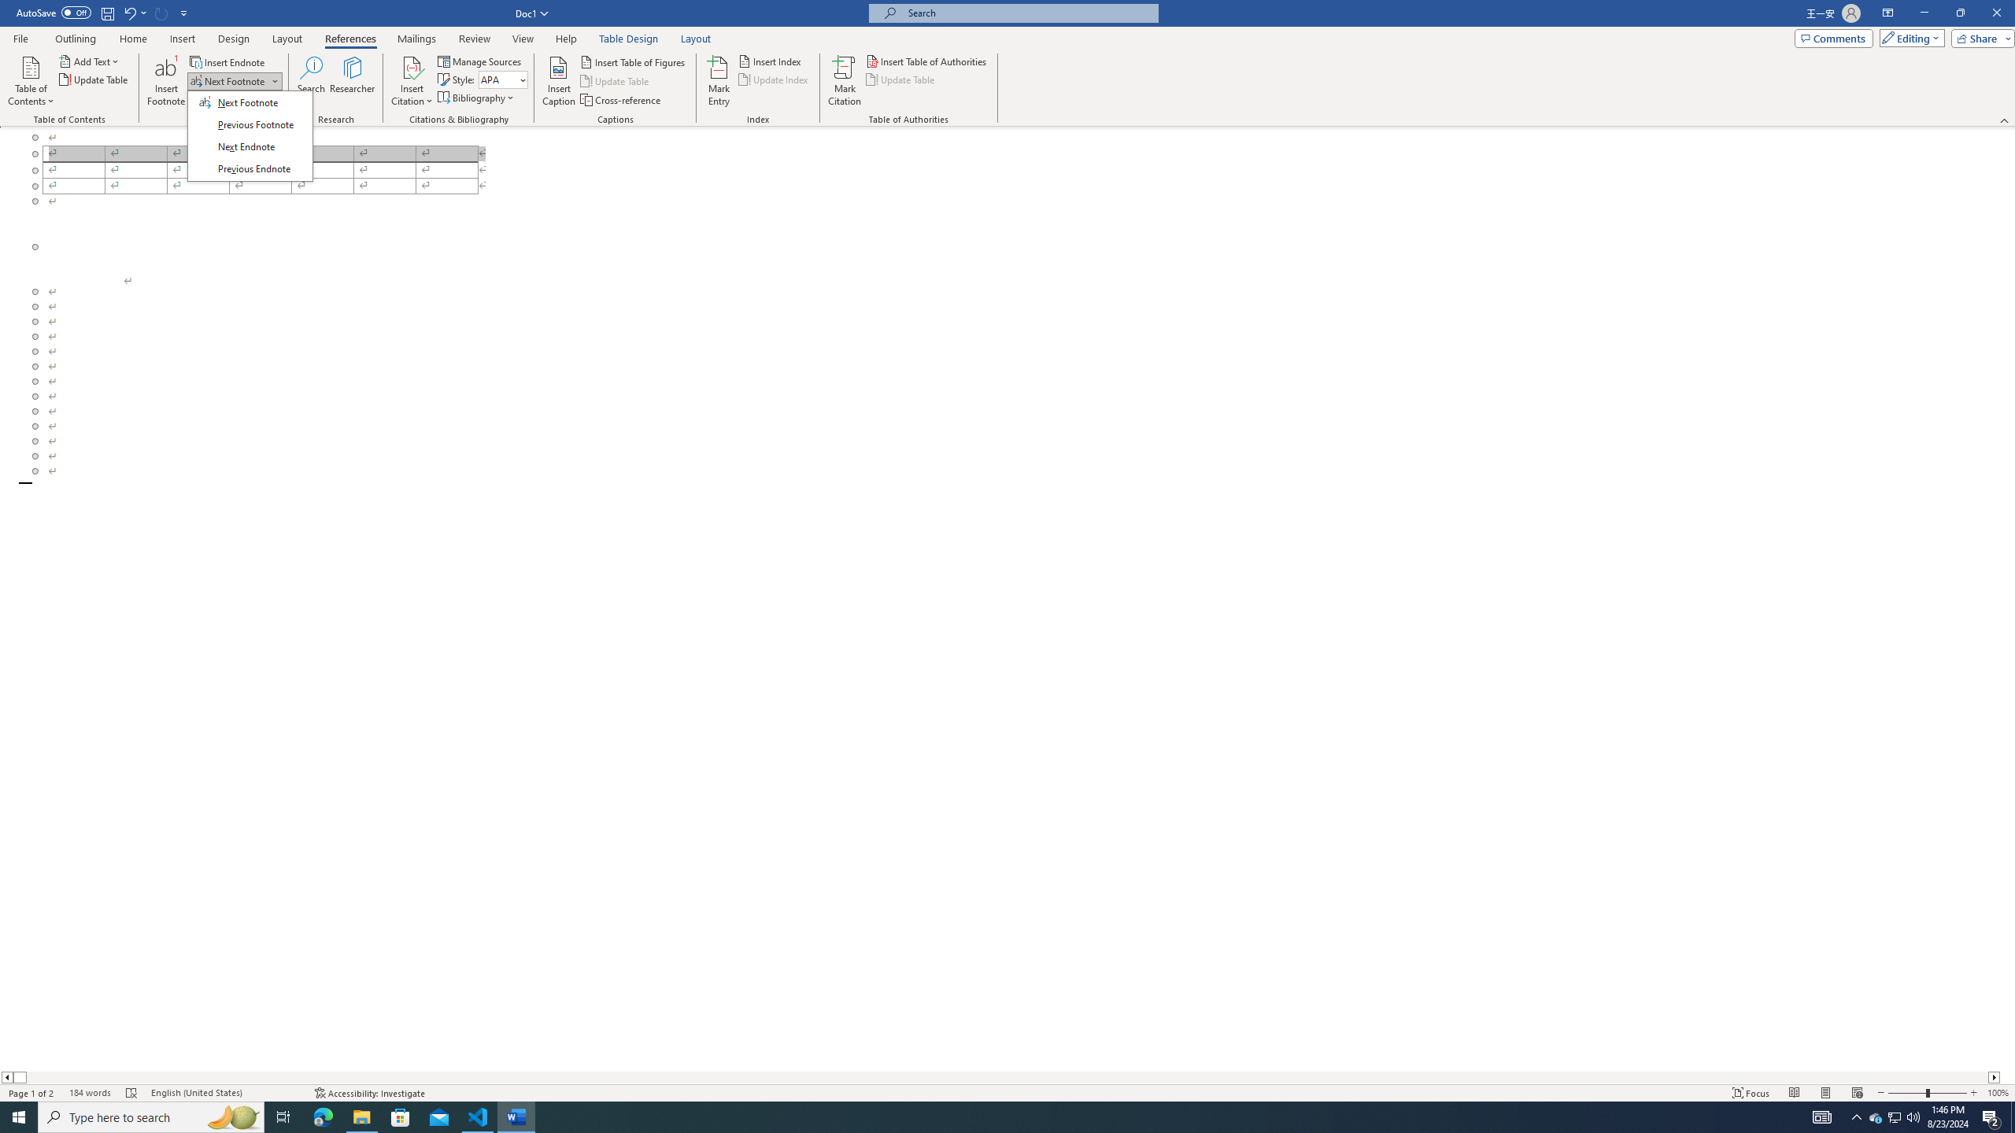 This screenshot has height=1133, width=2015. Describe the element at coordinates (1857, 1116) in the screenshot. I see `'Notification Chevron'` at that location.